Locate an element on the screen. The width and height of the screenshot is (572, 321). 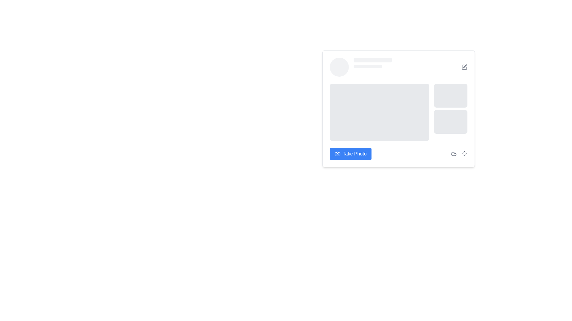
the star button located at the bottom-right corner of the main interface panel, which serves as a rating indicator or favorite marker is located at coordinates (464, 153).